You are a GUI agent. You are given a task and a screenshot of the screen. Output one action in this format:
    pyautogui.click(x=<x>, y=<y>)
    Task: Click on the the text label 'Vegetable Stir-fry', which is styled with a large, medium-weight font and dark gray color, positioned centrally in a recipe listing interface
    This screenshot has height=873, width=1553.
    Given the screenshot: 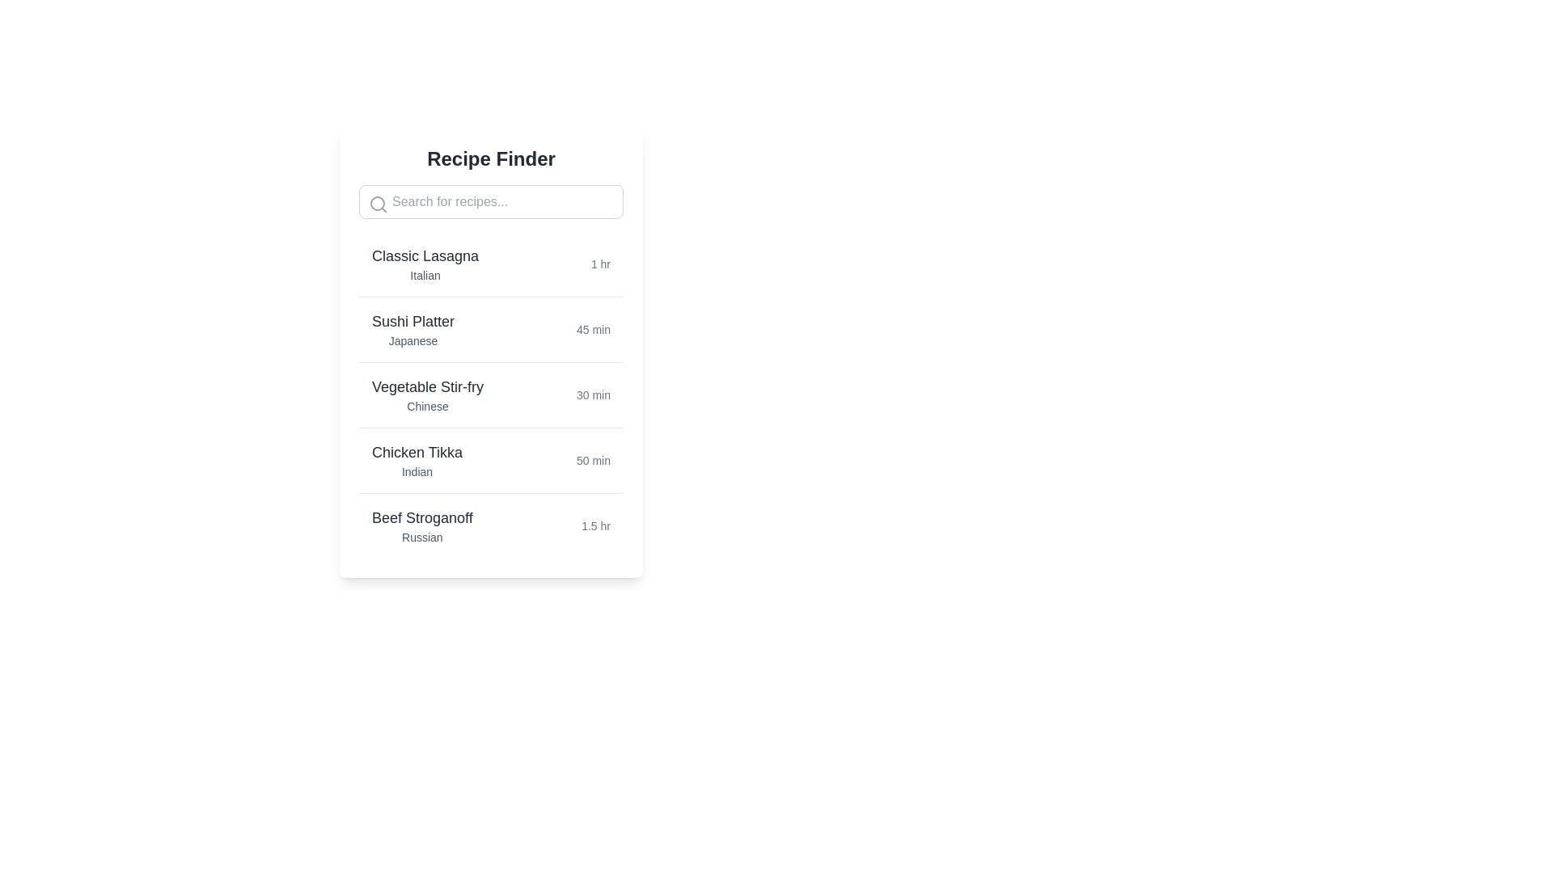 What is the action you would take?
    pyautogui.click(x=427, y=386)
    